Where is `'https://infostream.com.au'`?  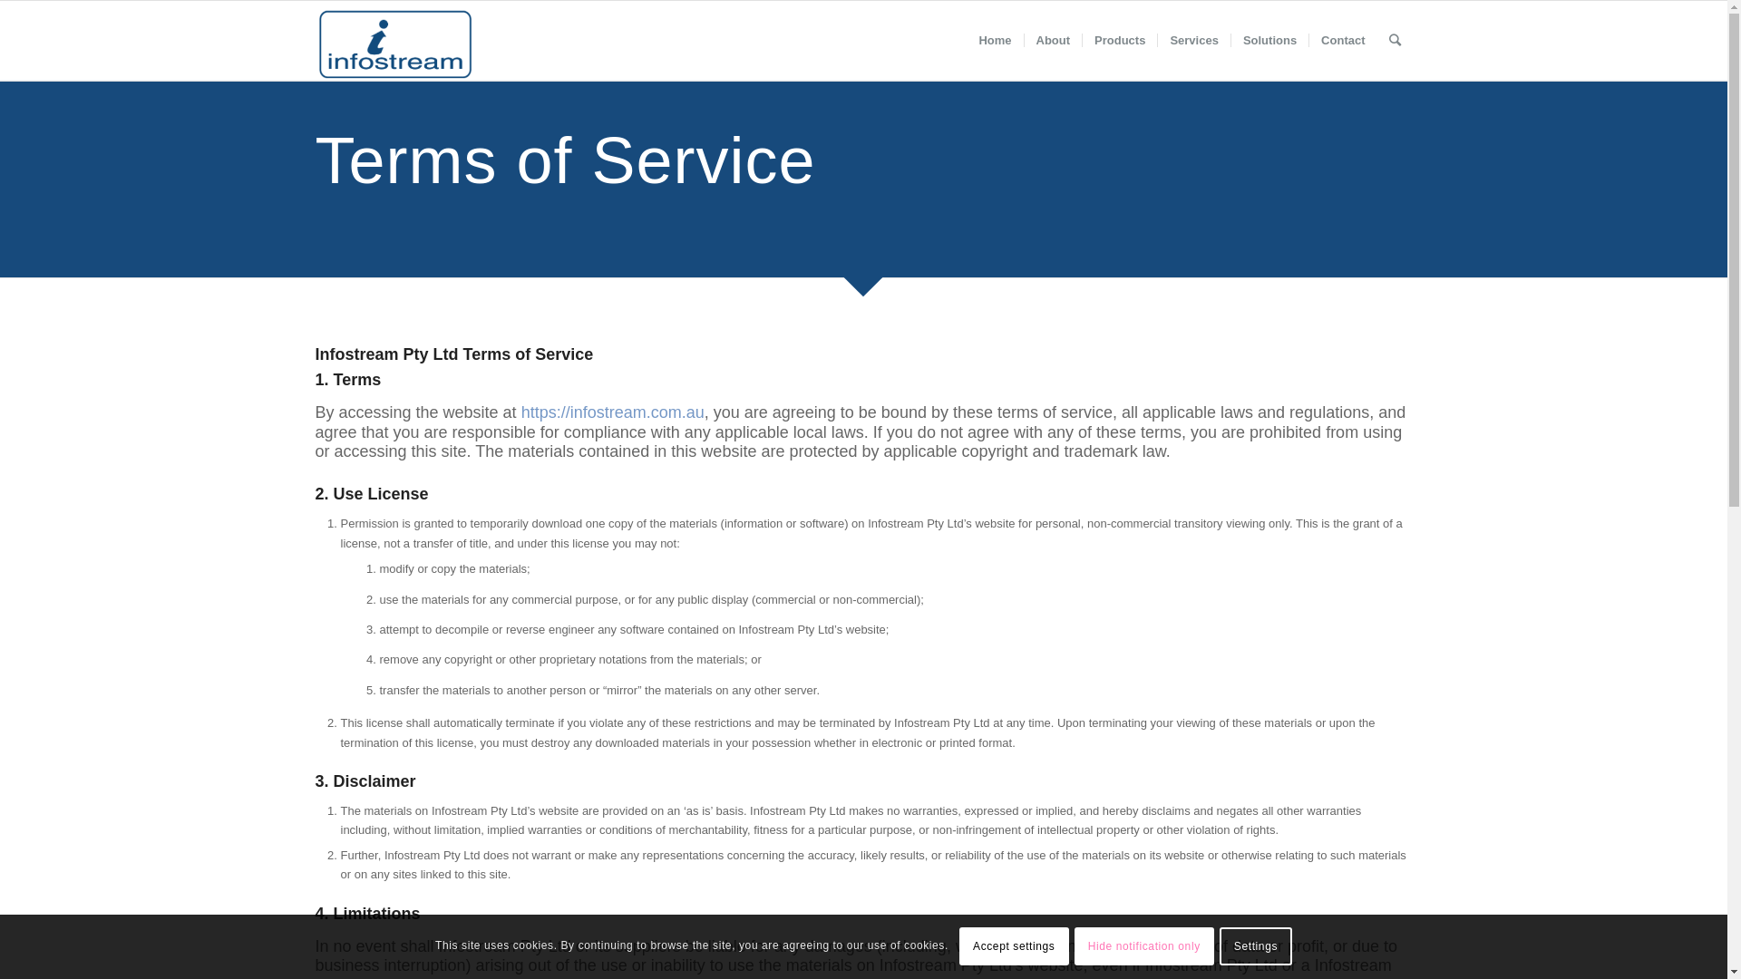
'https://infostream.com.au' is located at coordinates (613, 412).